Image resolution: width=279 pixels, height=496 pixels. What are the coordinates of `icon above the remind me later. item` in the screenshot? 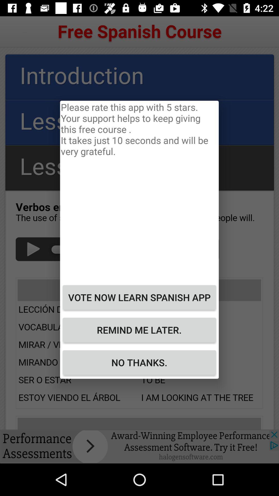 It's located at (139, 297).